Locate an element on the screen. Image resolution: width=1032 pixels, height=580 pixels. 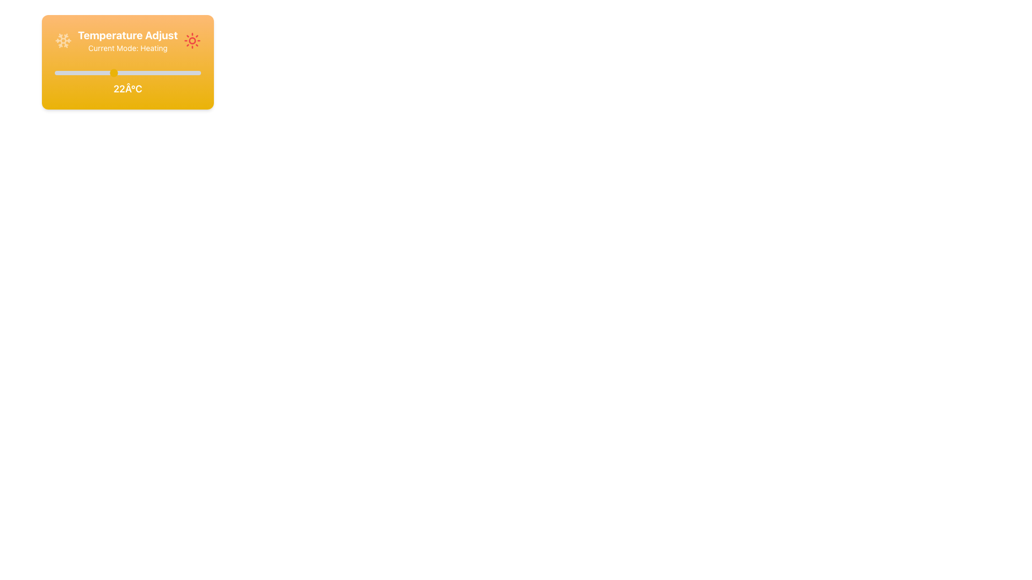
the informational Text Label indicating the current operational mode (Heating) of the device, which is positioned beneath the heading 'Temperature Adjust' is located at coordinates (128, 47).